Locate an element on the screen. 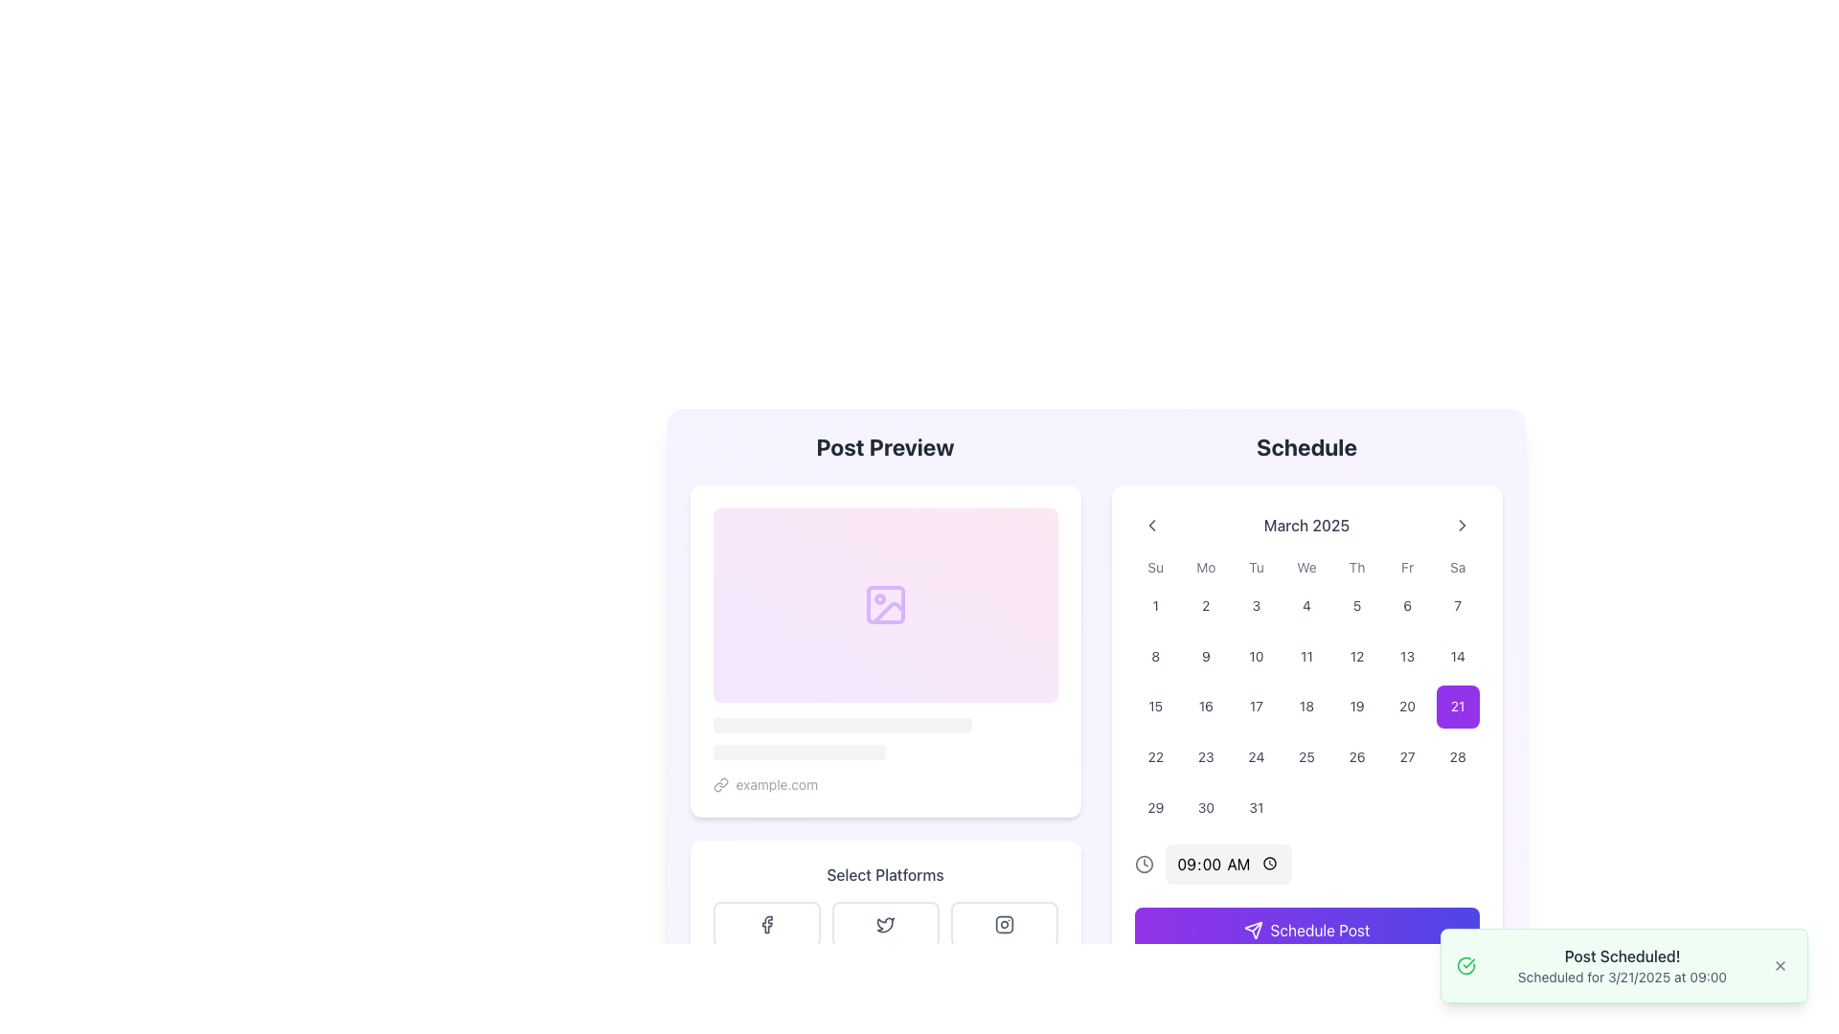 The height and width of the screenshot is (1034, 1839). the calendar day cell displaying the number '19' in the Schedule section is located at coordinates (1356, 707).